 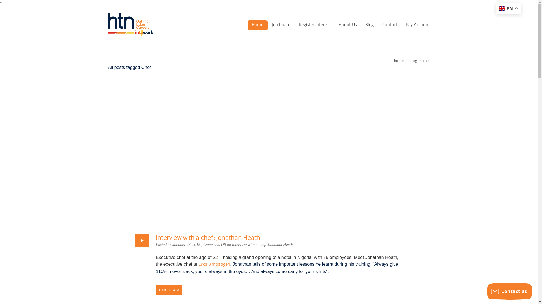 What do you see at coordinates (401, 25) in the screenshot?
I see `'Pay Account'` at bounding box center [401, 25].